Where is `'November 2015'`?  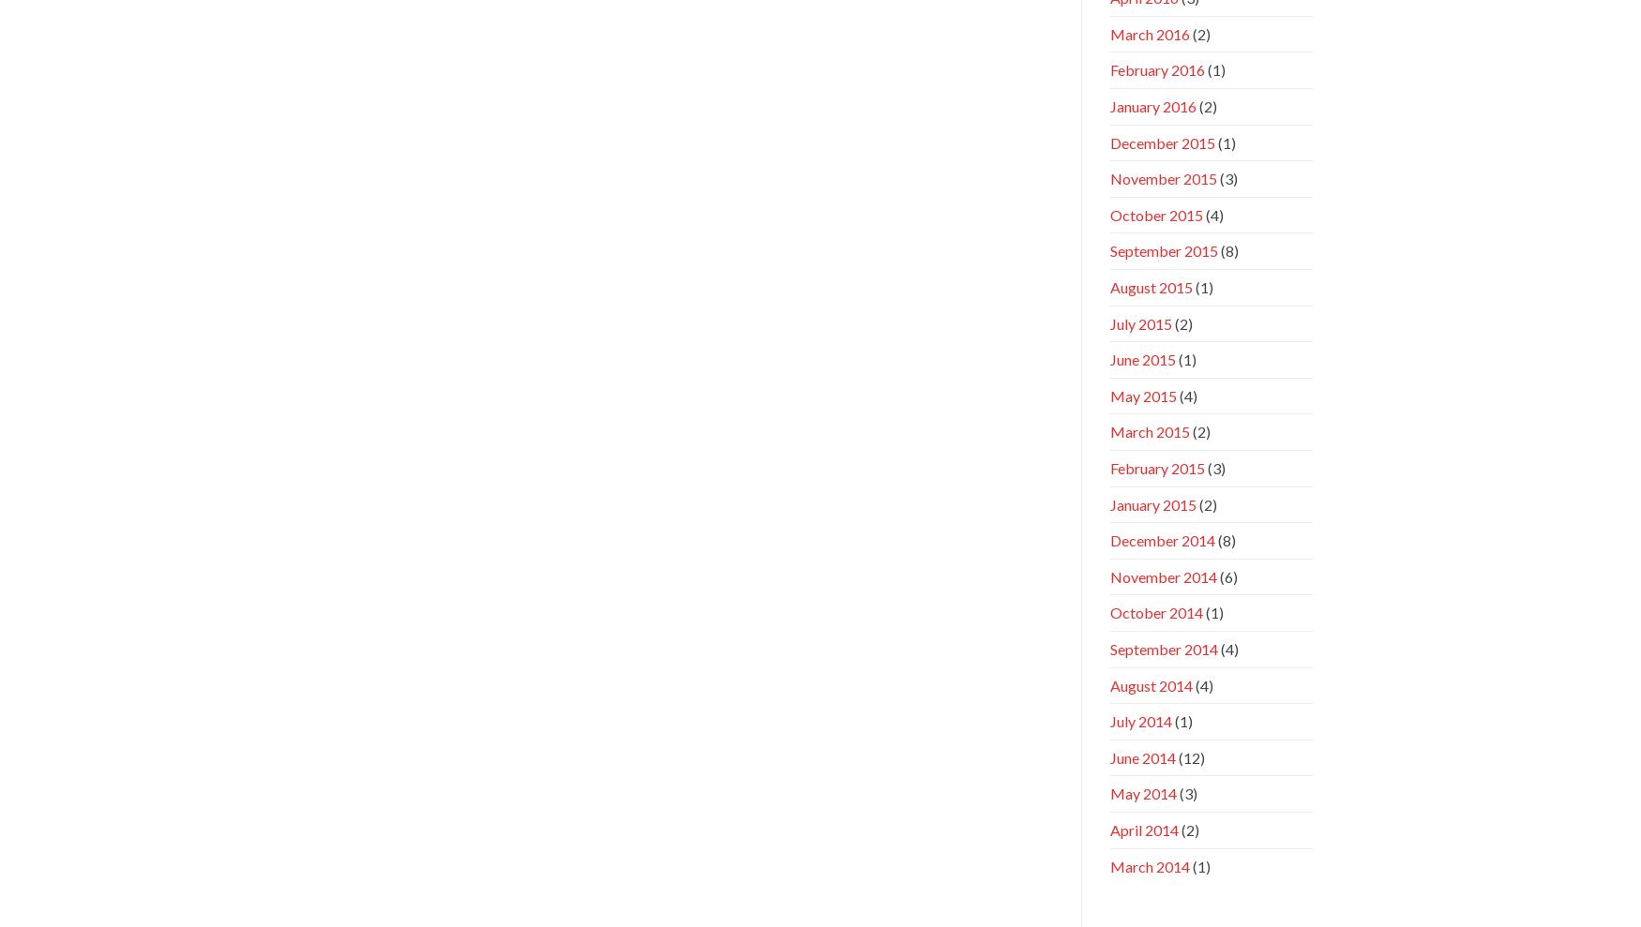 'November 2015' is located at coordinates (1163, 178).